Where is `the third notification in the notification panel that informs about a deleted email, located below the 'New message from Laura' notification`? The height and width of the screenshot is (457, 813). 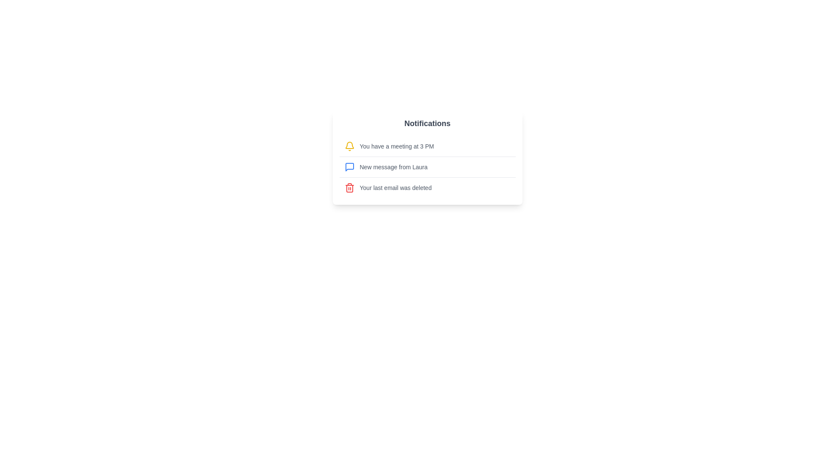
the third notification in the notification panel that informs about a deleted email, located below the 'New message from Laura' notification is located at coordinates (427, 187).